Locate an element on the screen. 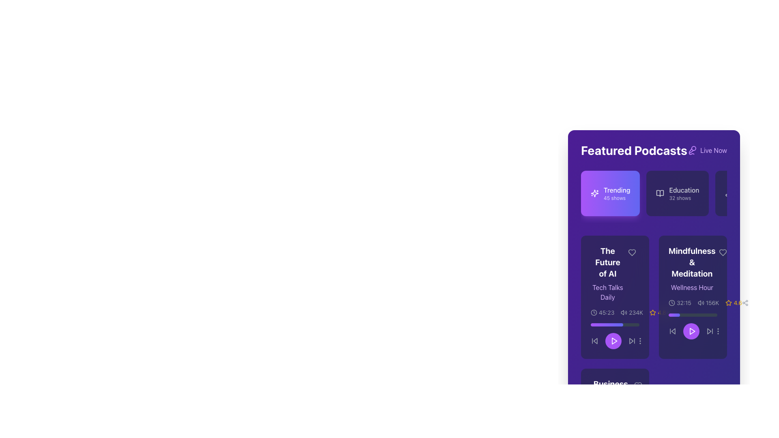  textual contents of the Text Block titled 'The Future of AI' with subtitle 'Tech Talks Daily', which is located in the 'Trending' category of the 'Featured Podcasts' section is located at coordinates (615, 274).